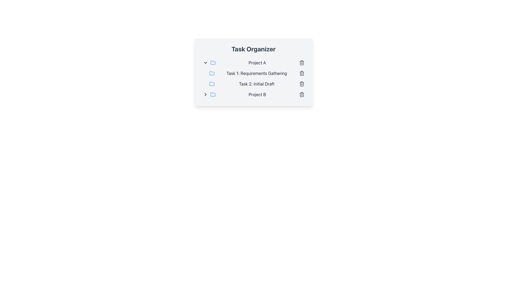  What do you see at coordinates (302, 74) in the screenshot?
I see `the trashcan icon button adjacent to the text 'Task 1: Requirements Gathering'` at bounding box center [302, 74].